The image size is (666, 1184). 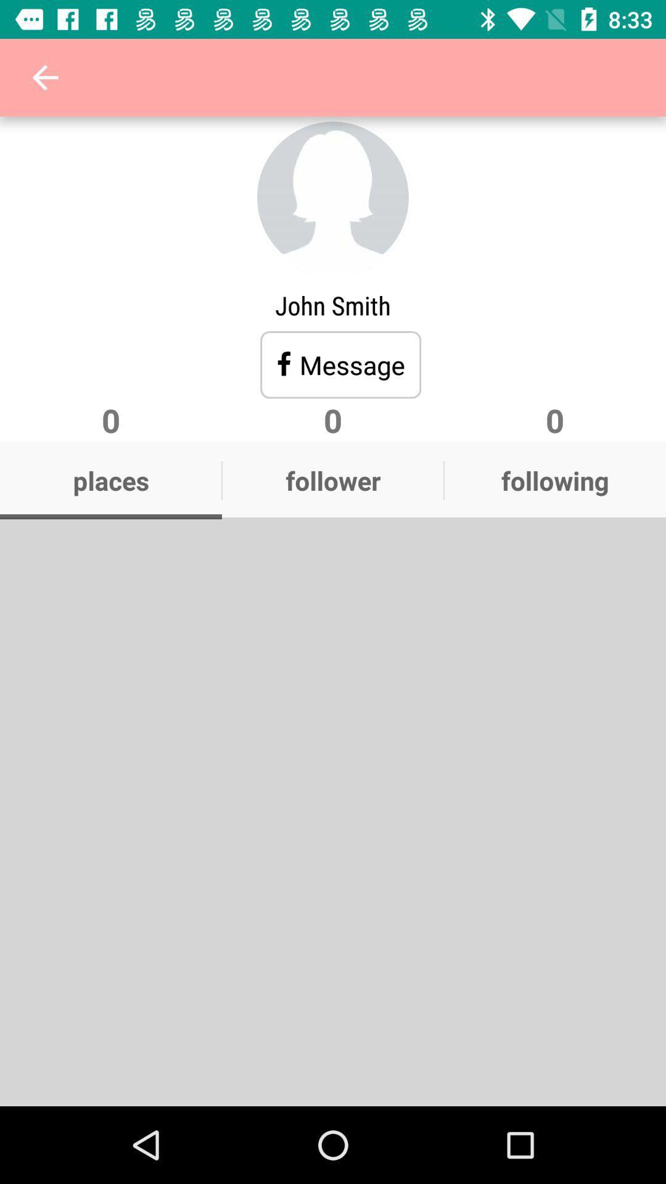 What do you see at coordinates (111, 480) in the screenshot?
I see `item below the 0 item` at bounding box center [111, 480].